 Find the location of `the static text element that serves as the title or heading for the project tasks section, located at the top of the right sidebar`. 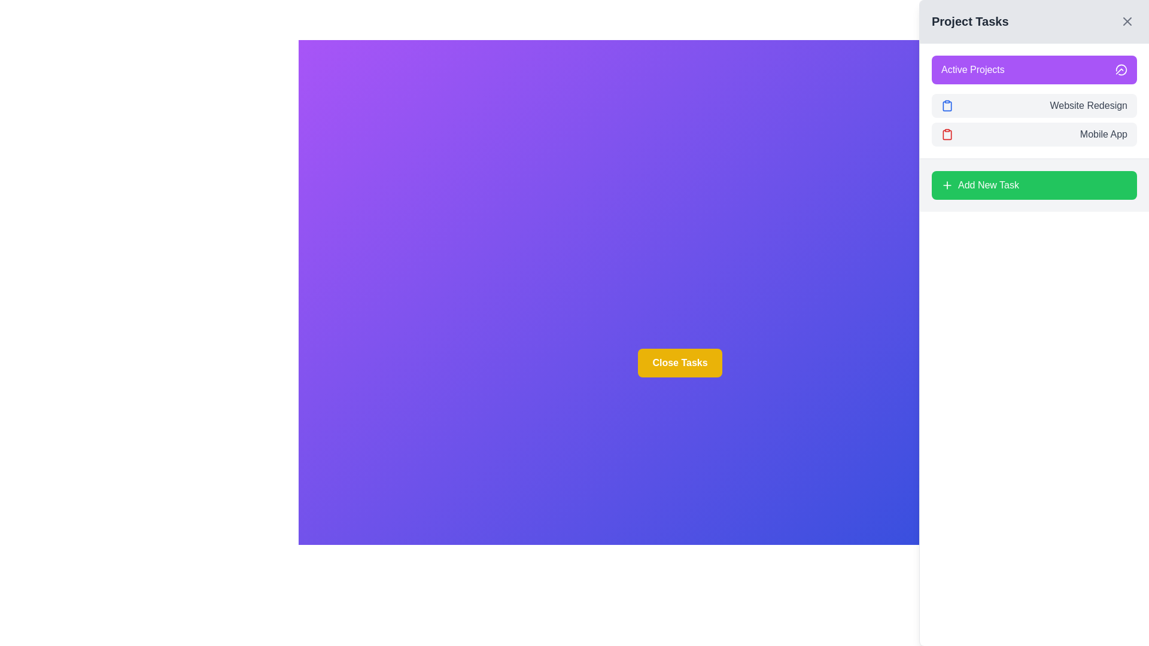

the static text element that serves as the title or heading for the project tasks section, located at the top of the right sidebar is located at coordinates (970, 21).